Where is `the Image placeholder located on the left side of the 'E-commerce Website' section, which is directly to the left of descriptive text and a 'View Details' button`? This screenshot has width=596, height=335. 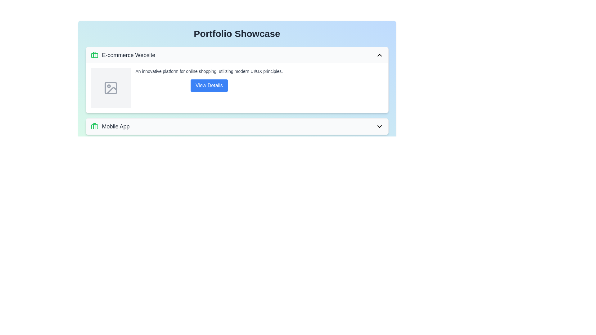 the Image placeholder located on the left side of the 'E-commerce Website' section, which is directly to the left of descriptive text and a 'View Details' button is located at coordinates (111, 88).